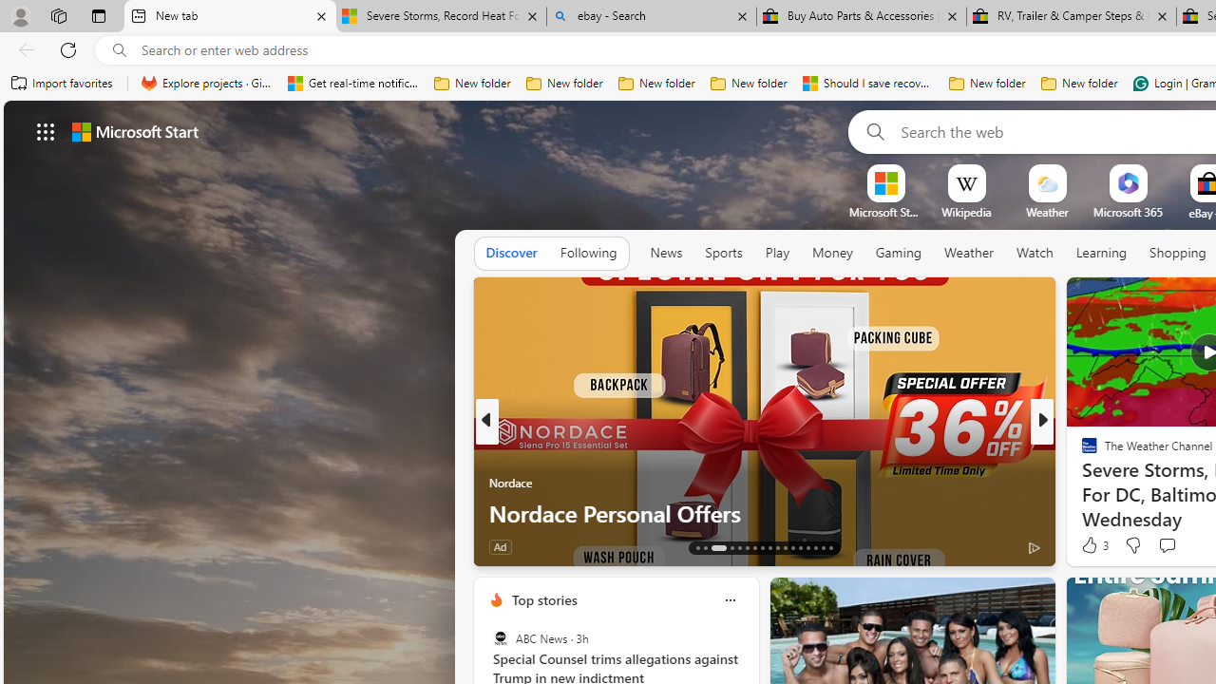 This screenshot has width=1216, height=684. I want to click on 'Like', so click(1083, 546).